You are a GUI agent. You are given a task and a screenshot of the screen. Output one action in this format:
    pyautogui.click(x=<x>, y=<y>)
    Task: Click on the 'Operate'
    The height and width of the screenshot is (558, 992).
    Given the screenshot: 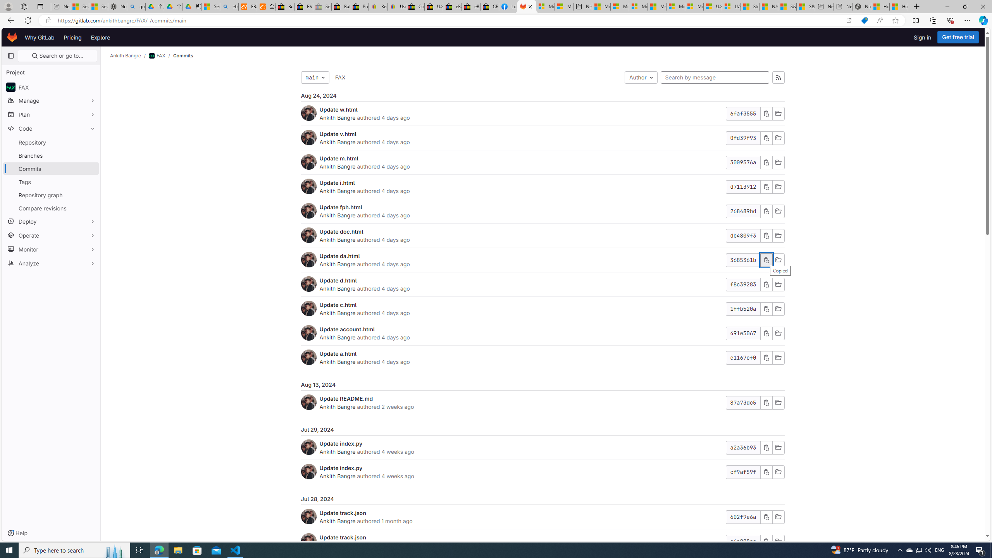 What is the action you would take?
    pyautogui.click(x=50, y=234)
    